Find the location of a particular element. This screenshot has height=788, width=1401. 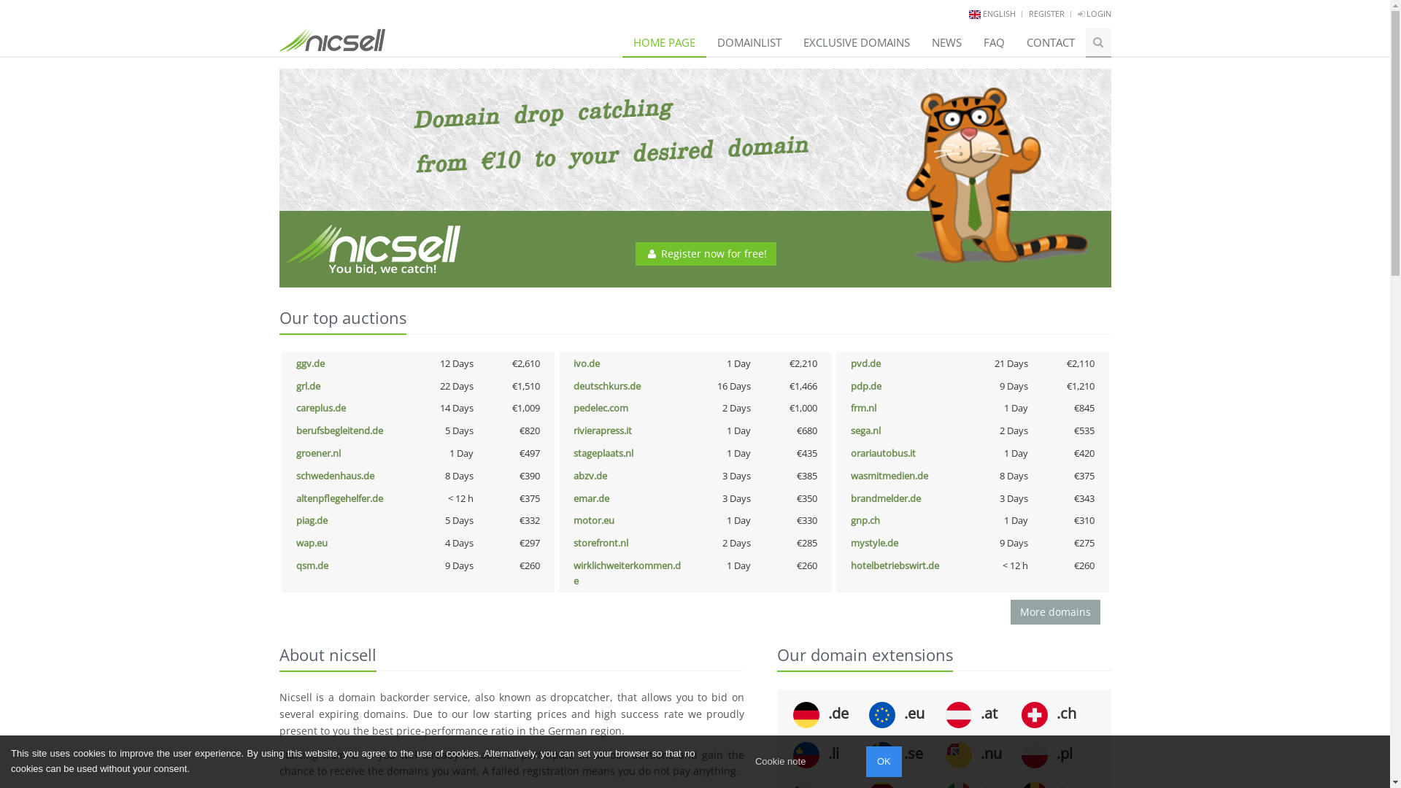

'gnp.ch' is located at coordinates (851, 519).